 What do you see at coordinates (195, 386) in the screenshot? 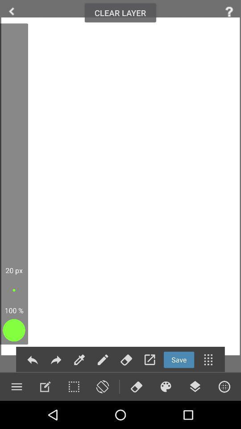
I see `menu button` at bounding box center [195, 386].